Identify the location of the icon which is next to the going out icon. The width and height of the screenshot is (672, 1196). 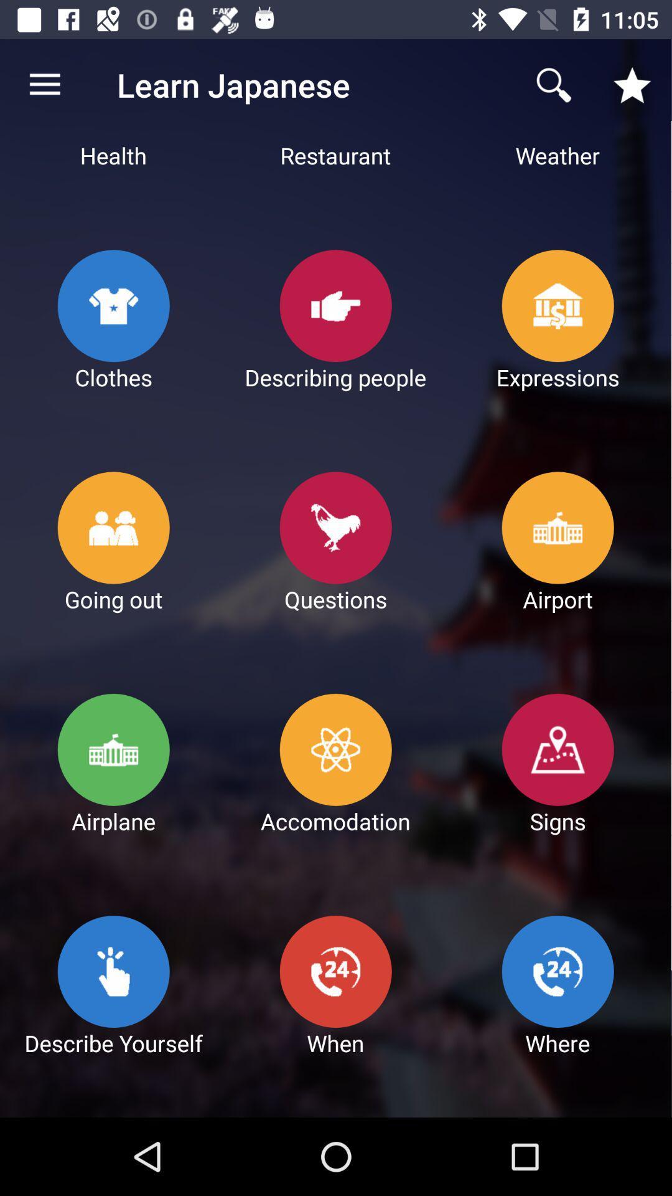
(336, 528).